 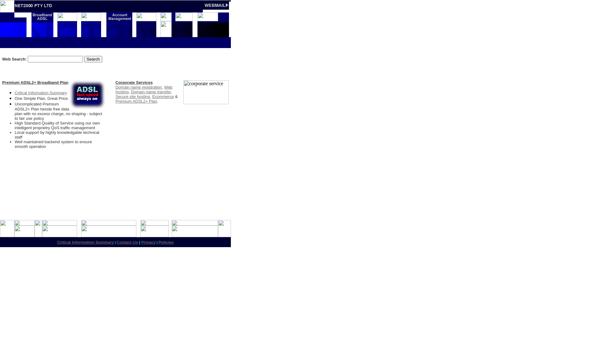 What do you see at coordinates (115, 82) in the screenshot?
I see `'Corporate Services'` at bounding box center [115, 82].